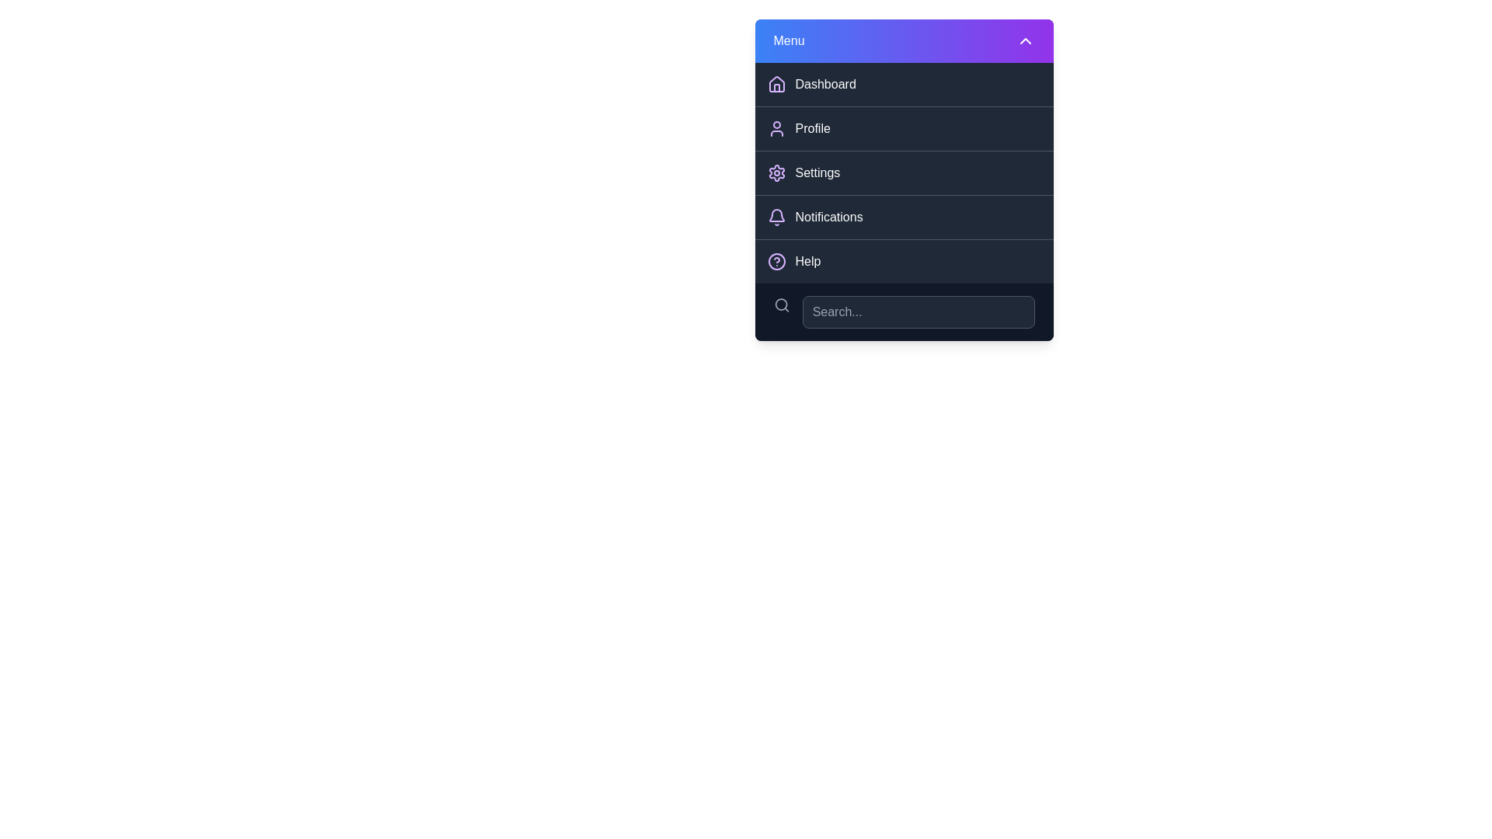  Describe the element at coordinates (904, 217) in the screenshot. I see `the 'Notifications' menu item` at that location.